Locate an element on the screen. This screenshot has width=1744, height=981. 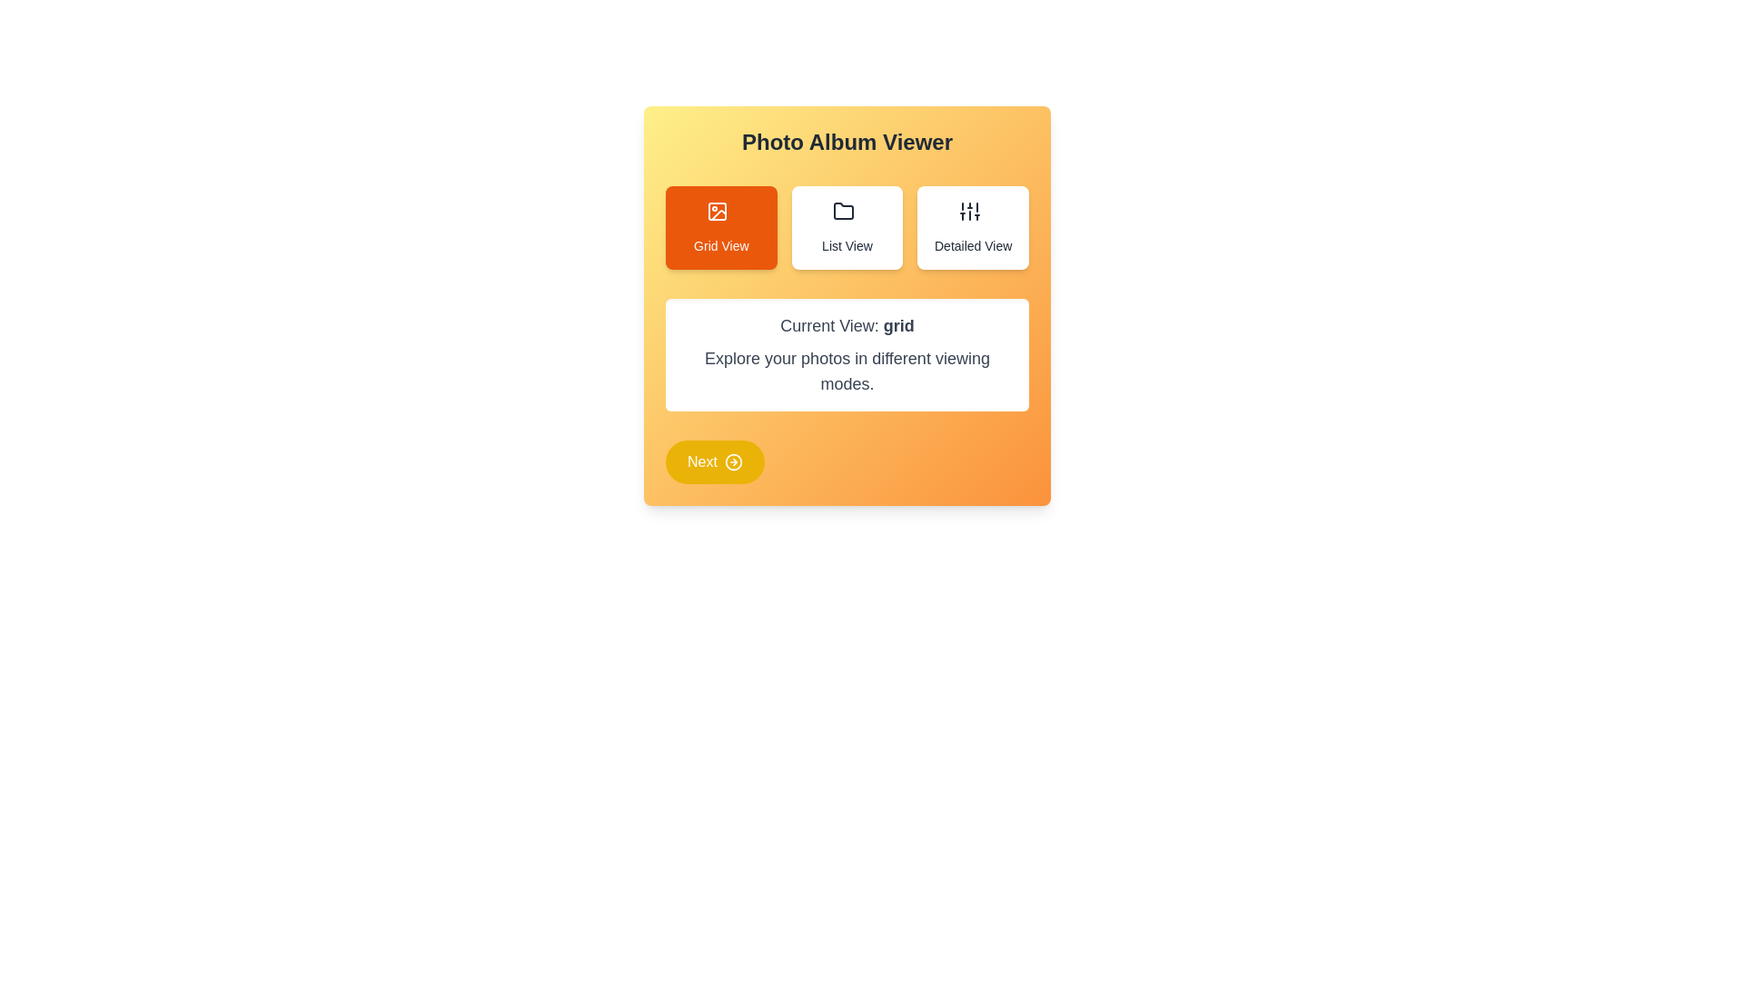
the right-facing arrow icon encased in a circular border, which is located to the right of the word 'Next' within the bottom-left section of the orange rectangular 'Next' button is located at coordinates (733, 461).